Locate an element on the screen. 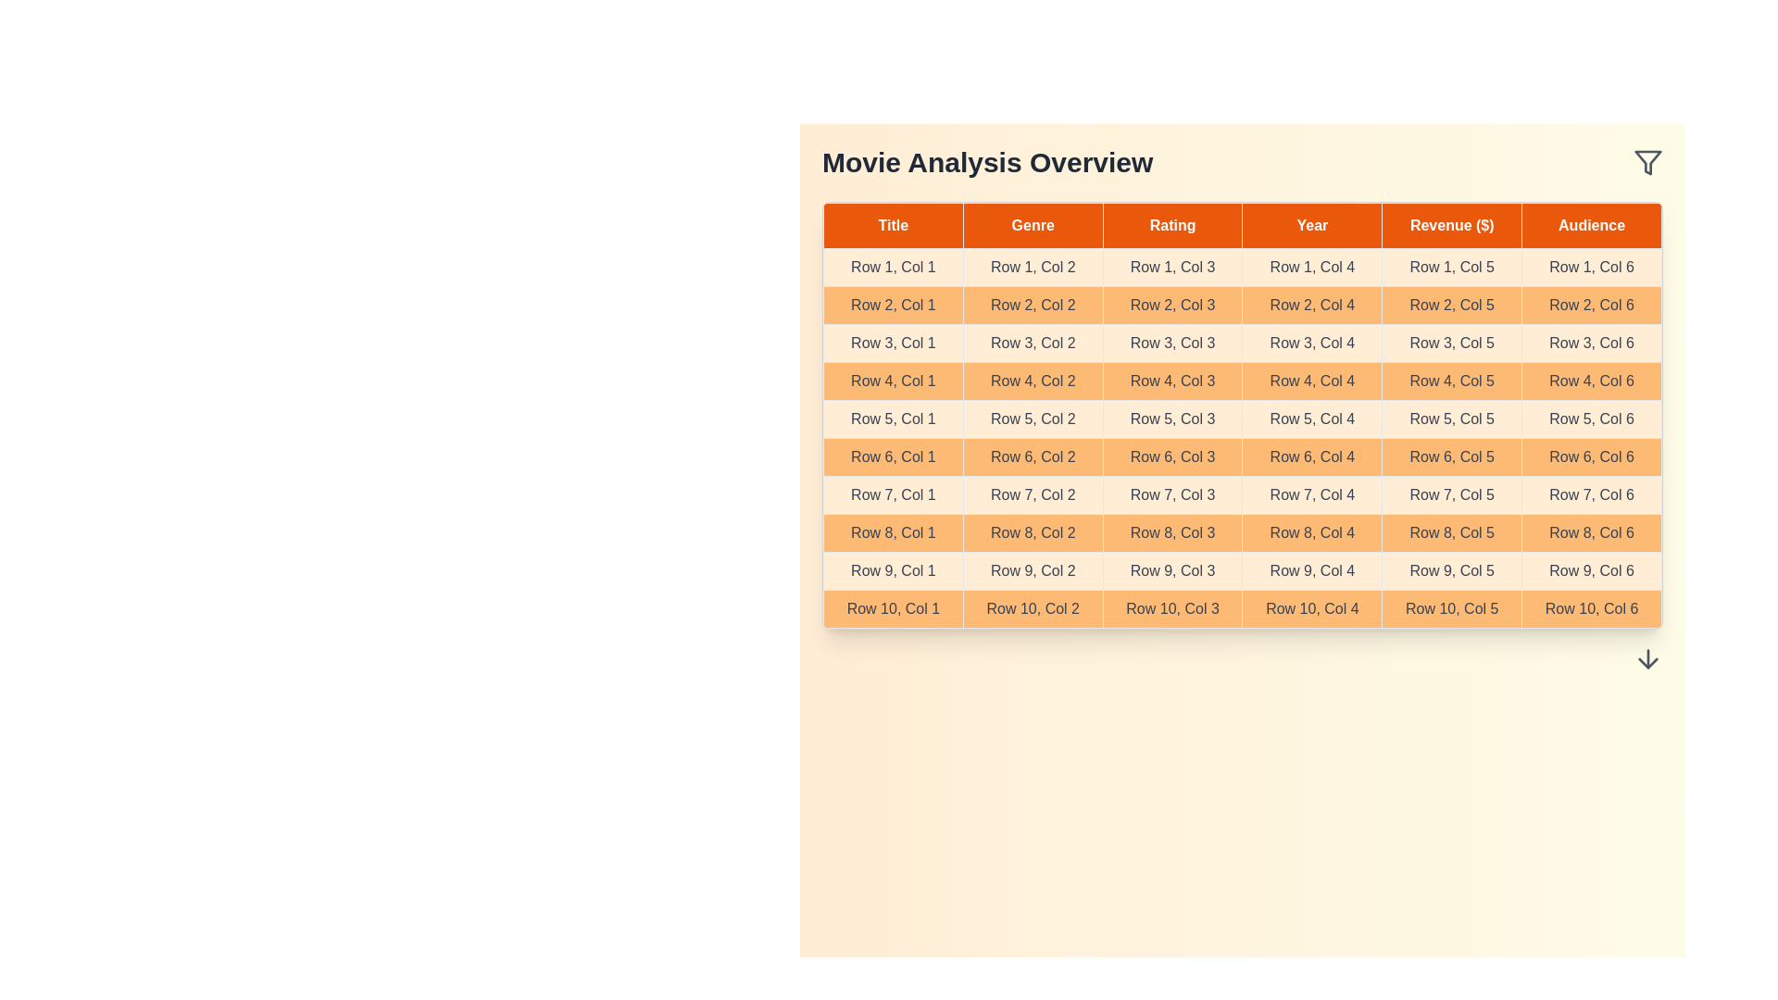 This screenshot has width=1778, height=1000. the header cell labeled Title to sort the column is located at coordinates (893, 224).